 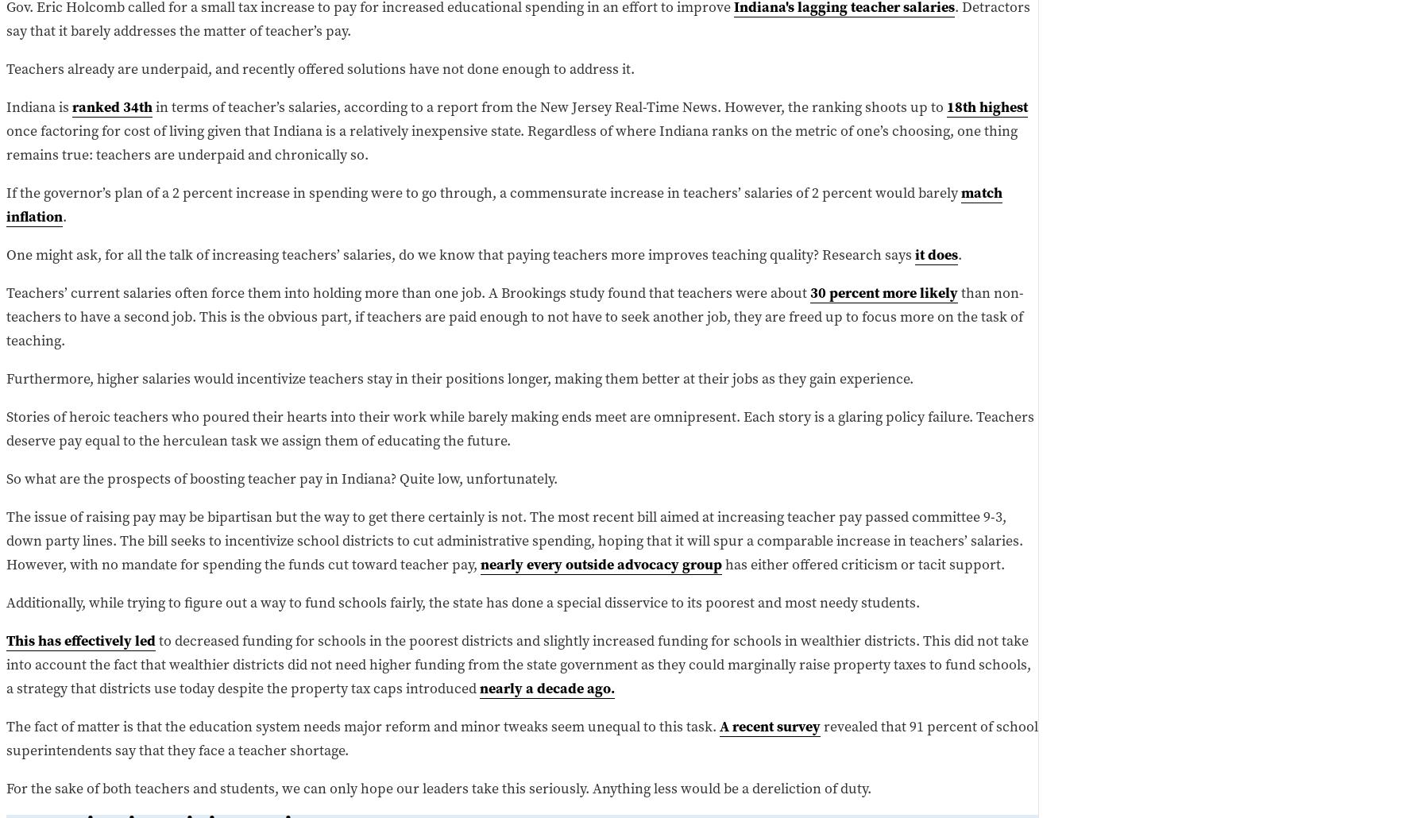 I want to click on 'If the governor’s plan of a 2 percent increase in spending were to go through, a commensurate increase in teachers’ salaries of 2 percent would barely', so click(x=483, y=191).